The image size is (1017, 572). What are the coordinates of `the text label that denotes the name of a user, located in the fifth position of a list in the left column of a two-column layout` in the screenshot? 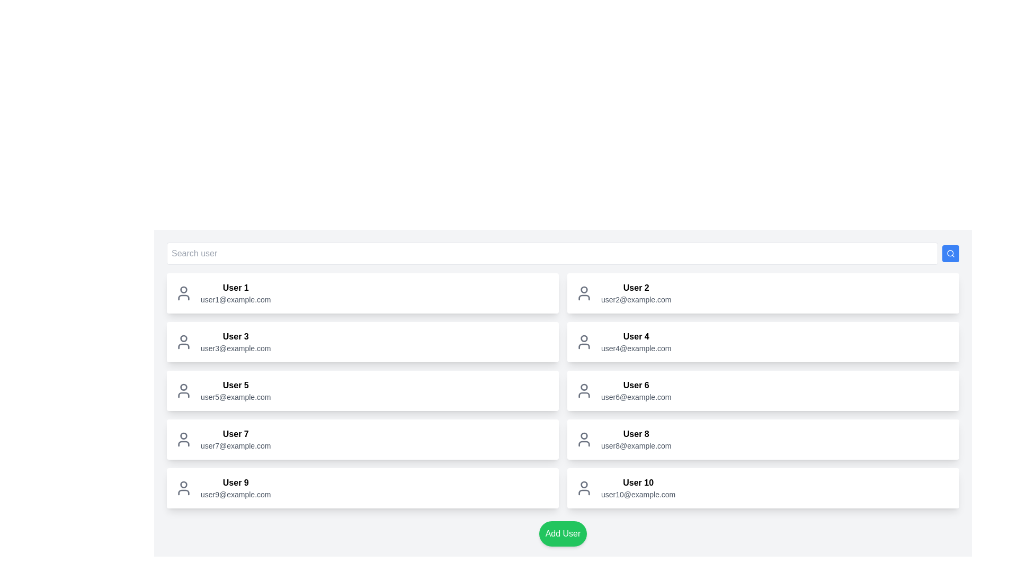 It's located at (235, 434).